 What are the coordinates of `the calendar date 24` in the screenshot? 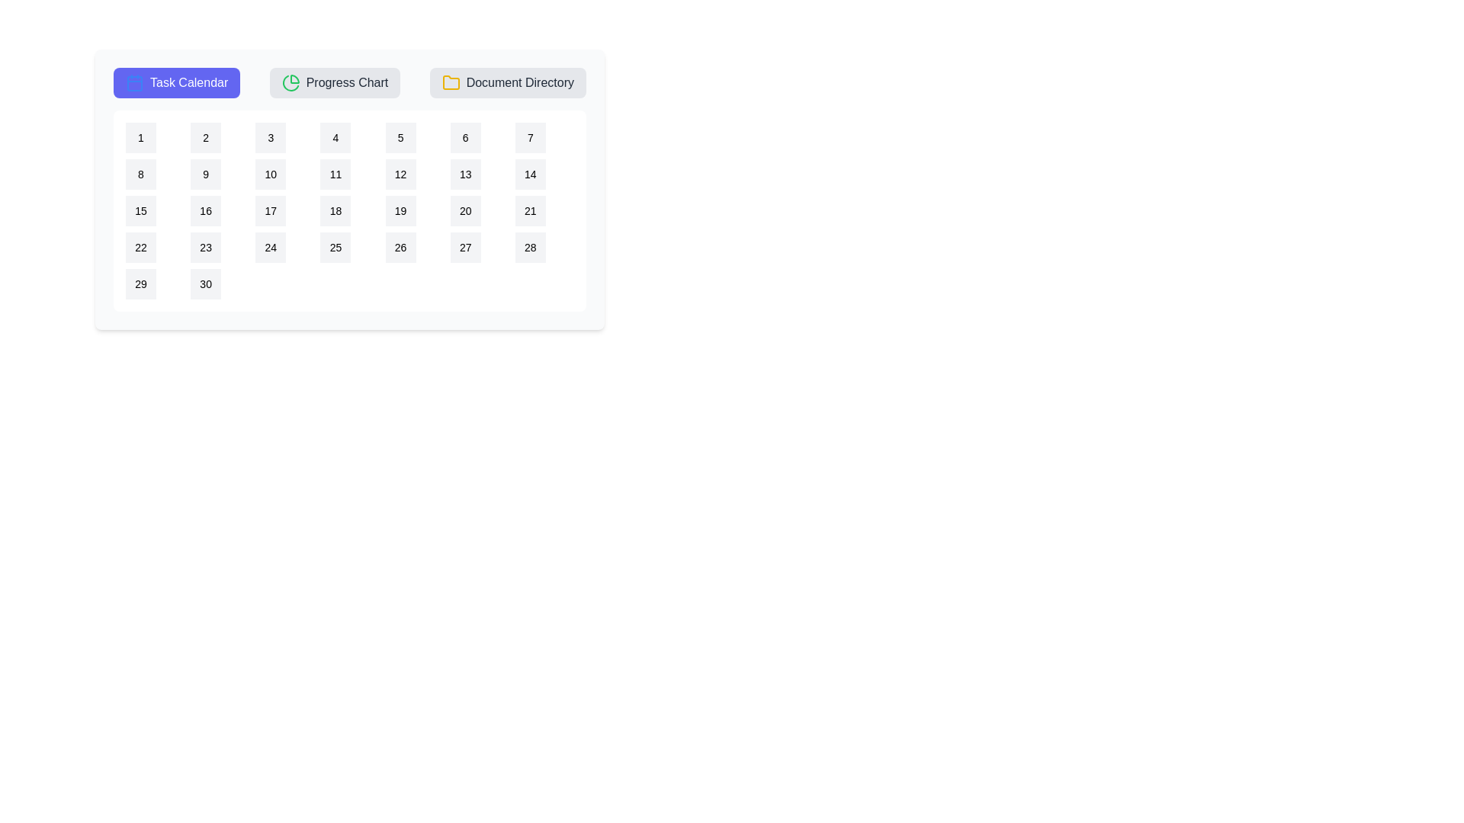 It's located at (271, 246).